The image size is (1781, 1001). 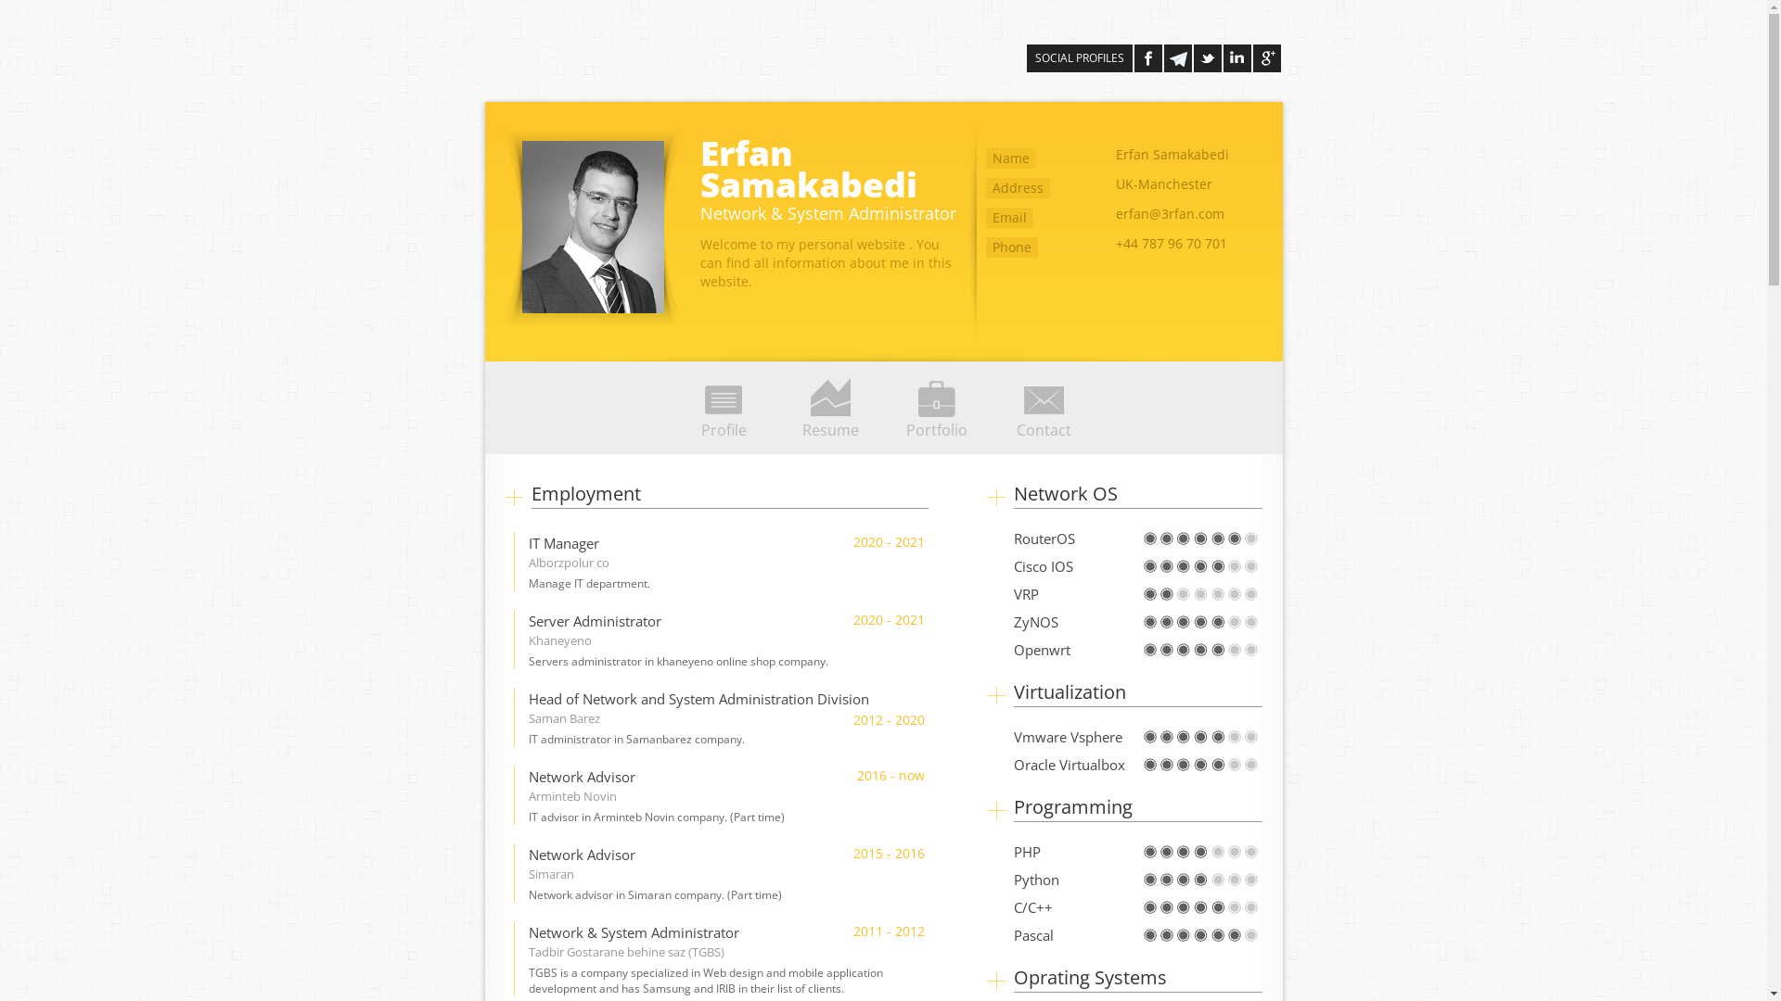 What do you see at coordinates (722, 400) in the screenshot?
I see `'Profile'` at bounding box center [722, 400].